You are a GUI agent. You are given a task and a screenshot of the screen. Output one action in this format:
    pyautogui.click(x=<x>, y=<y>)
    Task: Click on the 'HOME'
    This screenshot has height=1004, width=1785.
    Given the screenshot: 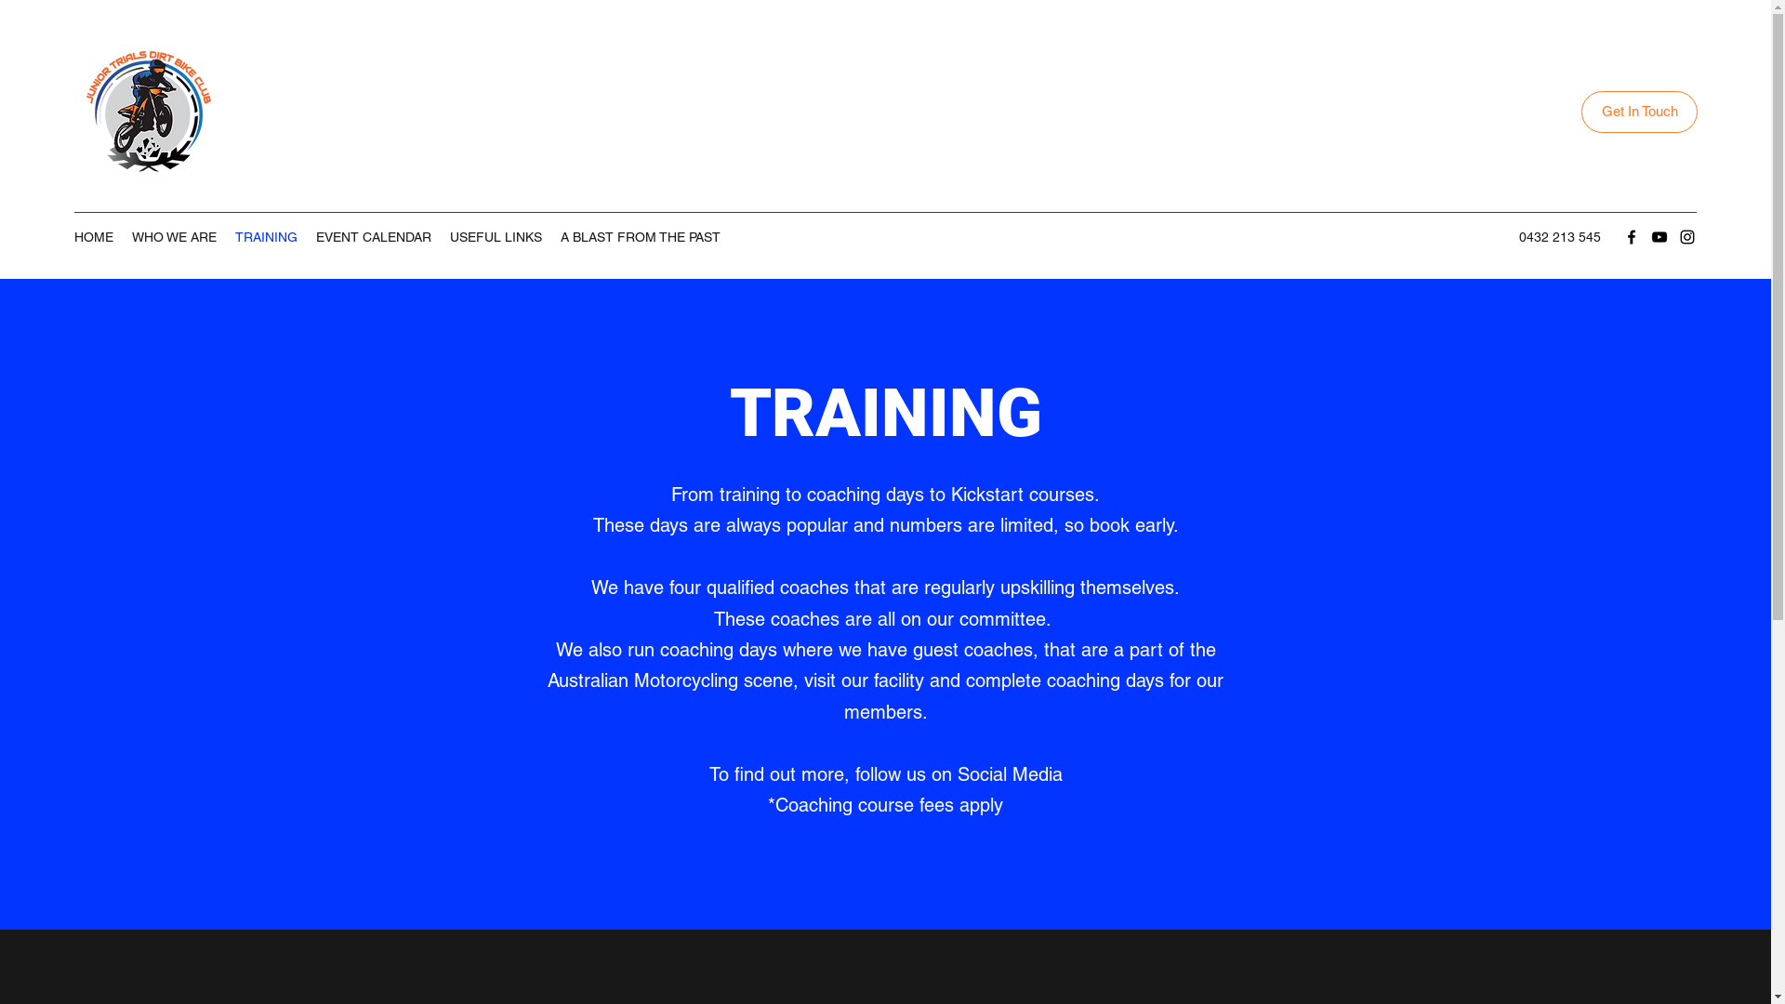 What is the action you would take?
    pyautogui.click(x=92, y=235)
    